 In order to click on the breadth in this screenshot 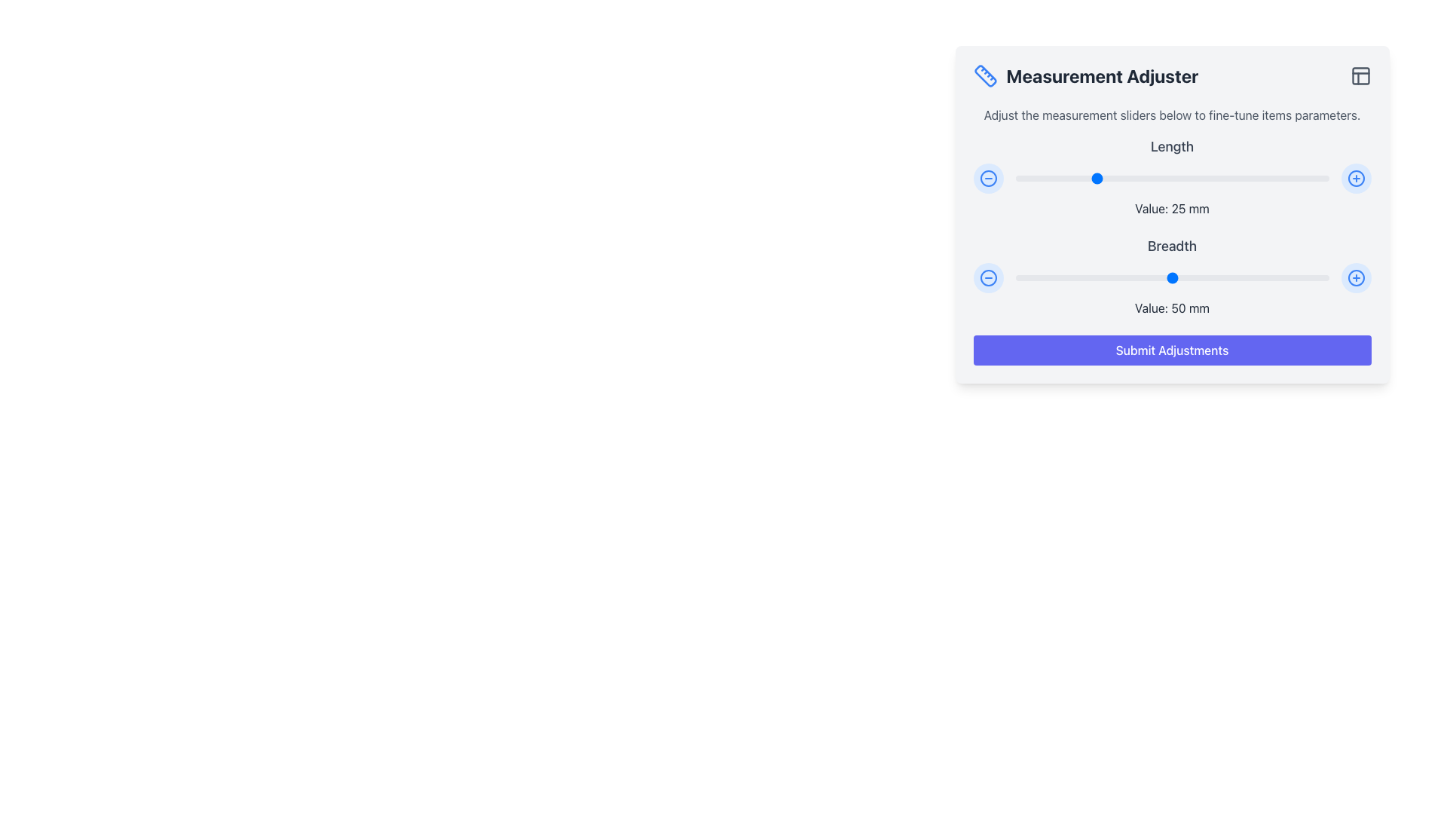, I will do `click(1187, 278)`.